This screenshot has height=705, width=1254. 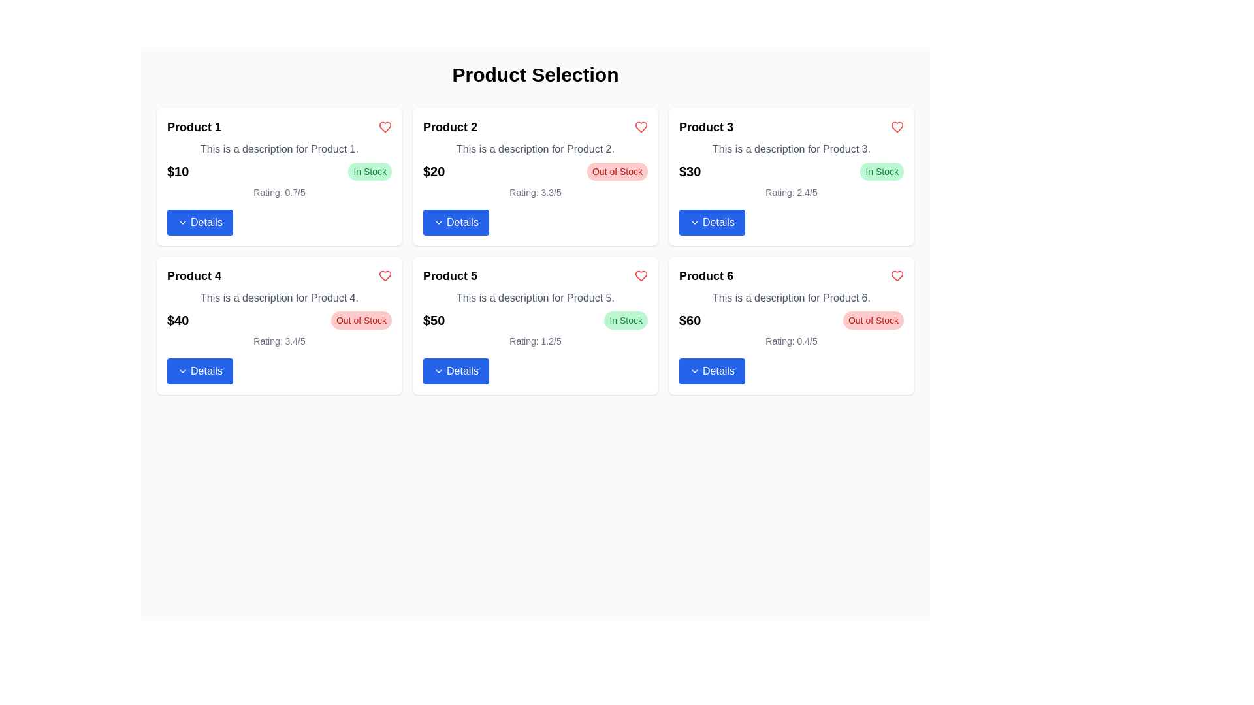 I want to click on the text block displaying 'This is a description for Product 6.' which is located in the sixth product card, positioned below the title 'Product 6' and above the price '$60', so click(x=790, y=298).